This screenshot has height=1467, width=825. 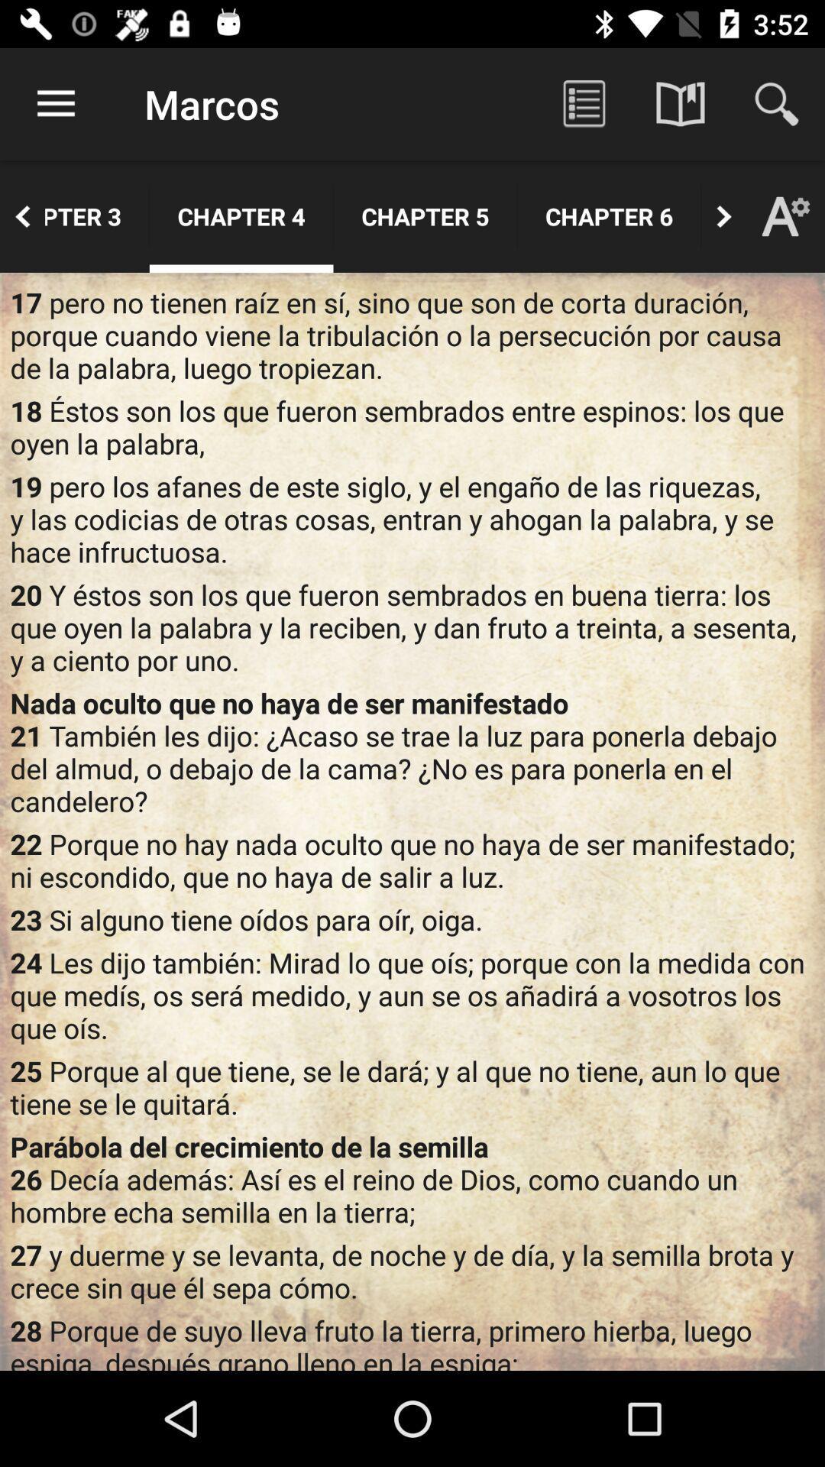 I want to click on the icon above the 17 pero no item, so click(x=241, y=215).